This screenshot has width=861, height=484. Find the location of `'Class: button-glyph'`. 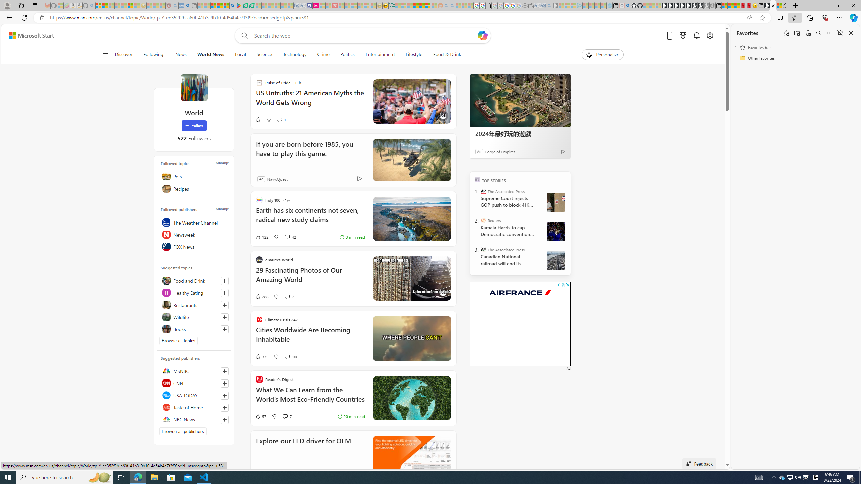

'Class: button-glyph' is located at coordinates (105, 54).